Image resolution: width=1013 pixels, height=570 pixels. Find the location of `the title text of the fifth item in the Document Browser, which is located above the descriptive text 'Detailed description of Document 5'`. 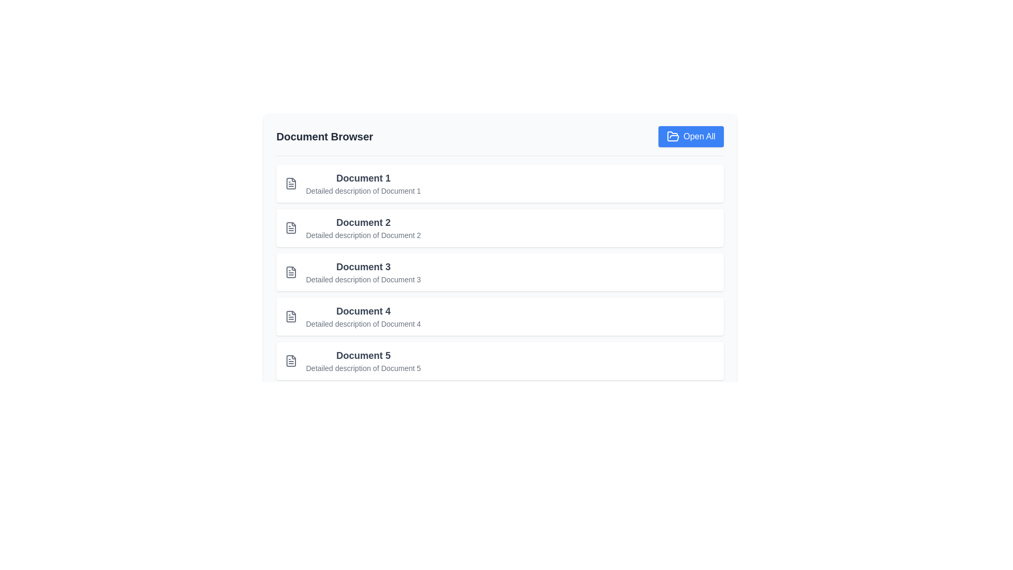

the title text of the fifth item in the Document Browser, which is located above the descriptive text 'Detailed description of Document 5' is located at coordinates (363, 356).